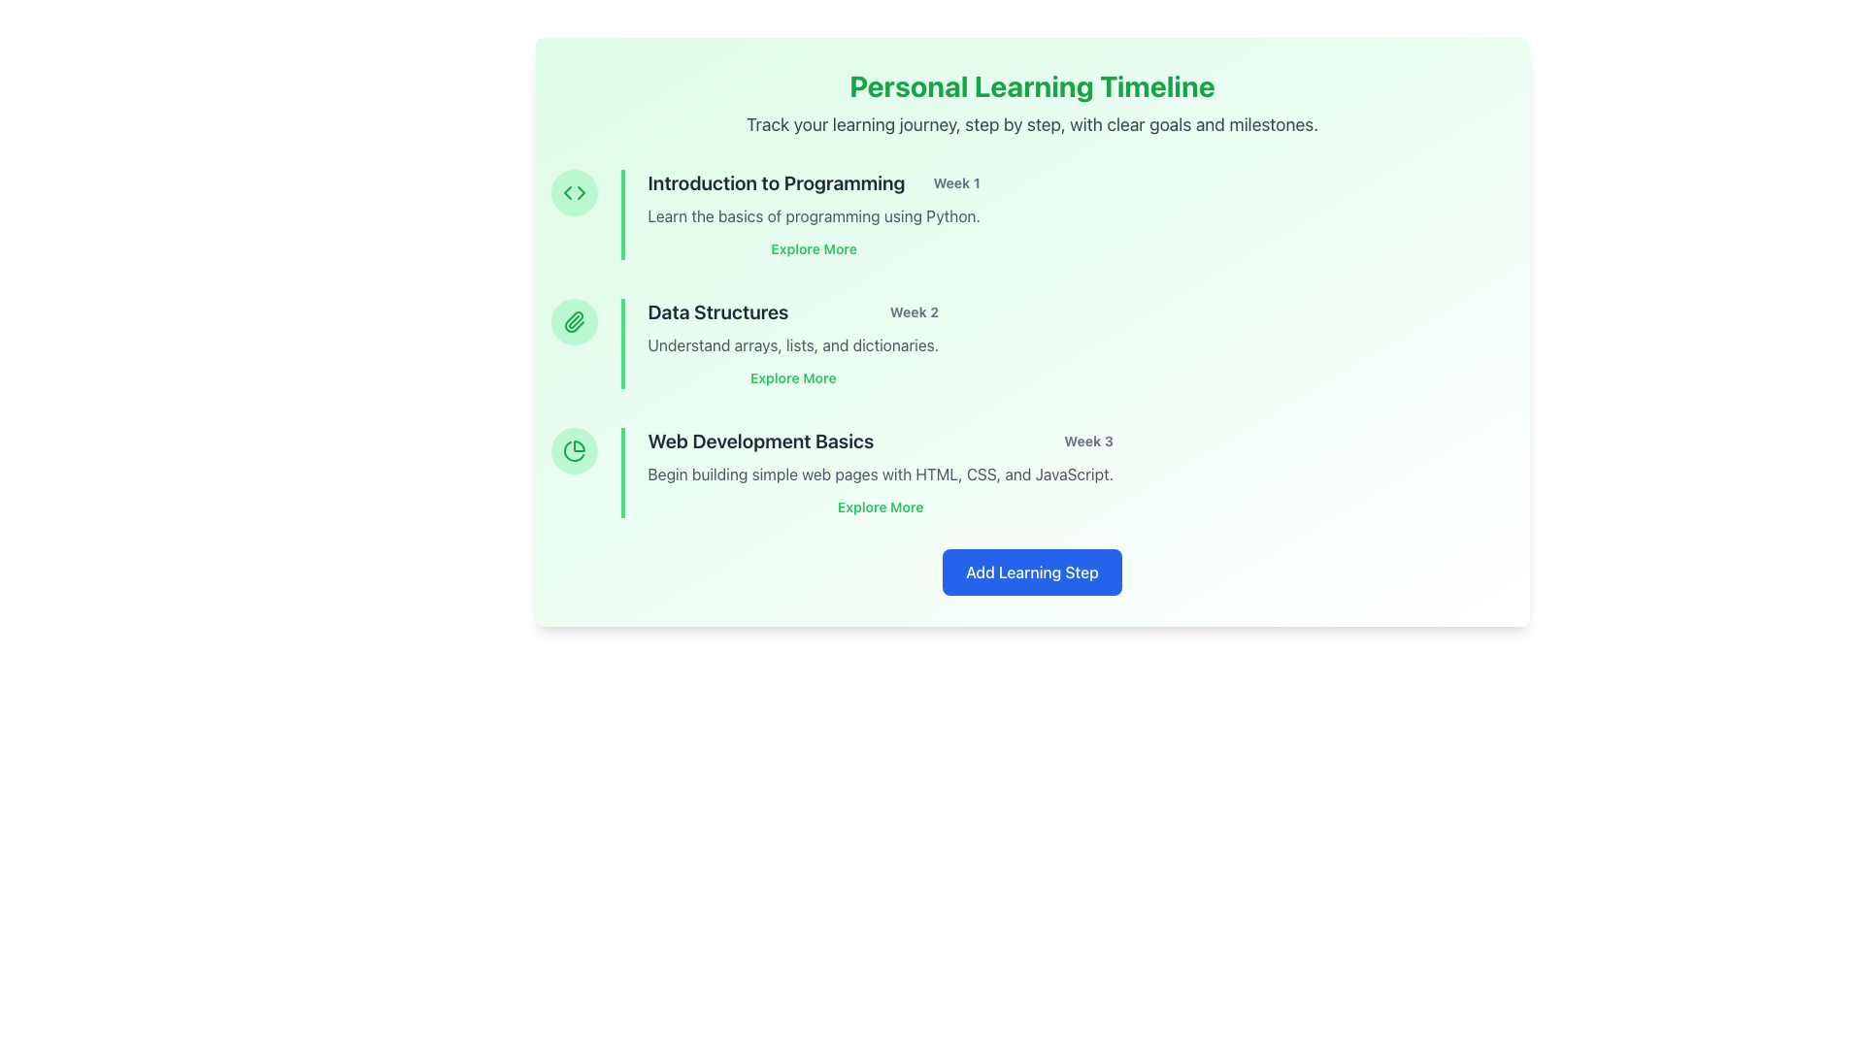  I want to click on the right-pointing green-stroke arrow SVG icon located adjacent to the 'Introduction to Programming' list item, so click(580, 193).